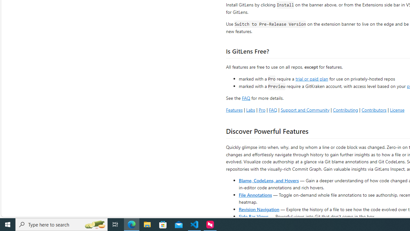  Describe the element at coordinates (259, 209) in the screenshot. I see `'Revision Navigation'` at that location.